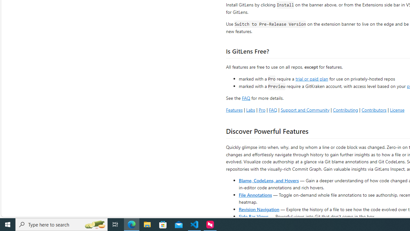  Describe the element at coordinates (259, 209) in the screenshot. I see `'Revision Navigation'` at that location.